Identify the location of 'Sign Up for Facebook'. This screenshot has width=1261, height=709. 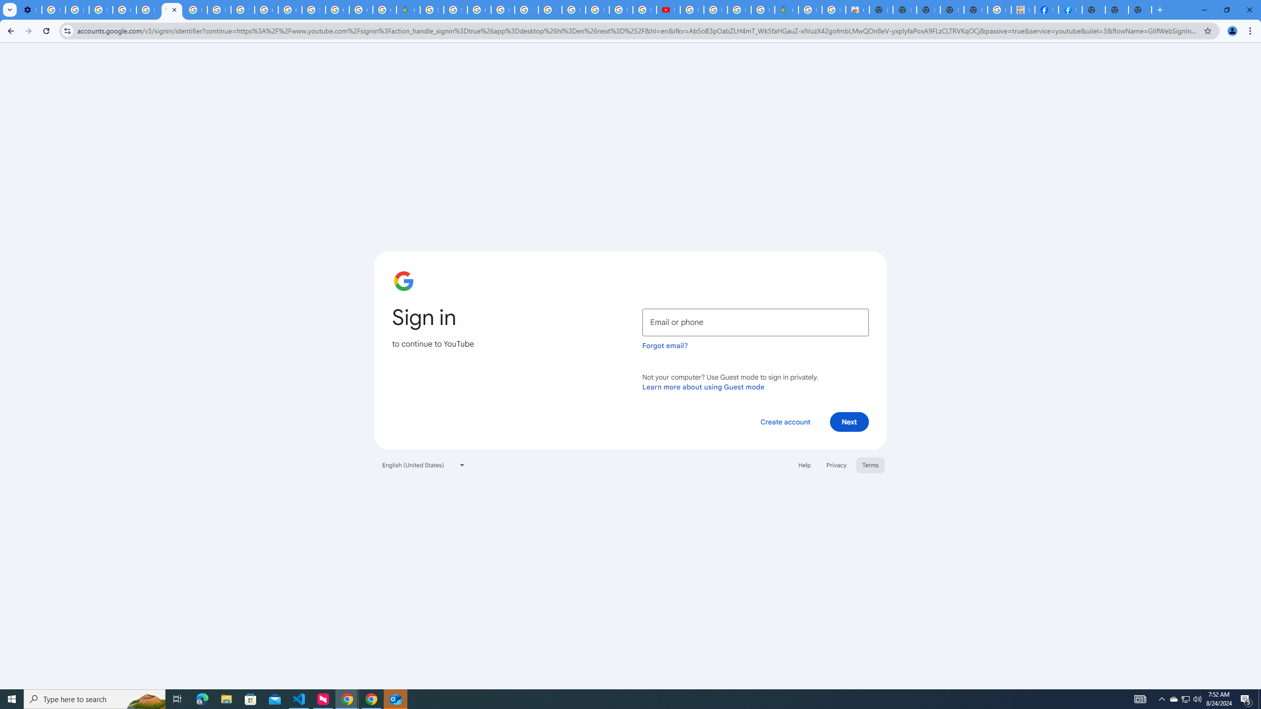
(1070, 9).